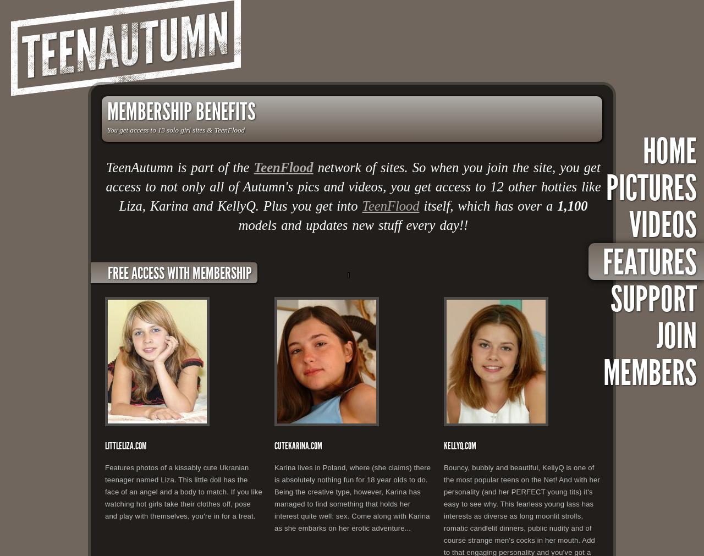  What do you see at coordinates (183, 492) in the screenshot?
I see `'Features photos of a kissably cute Ukranian teenager named Liza. This little doll has the face of an angel and a body to match. If you like watching hot girls take their clothes off, pose and play with themselves, you're in for a treat.'` at bounding box center [183, 492].